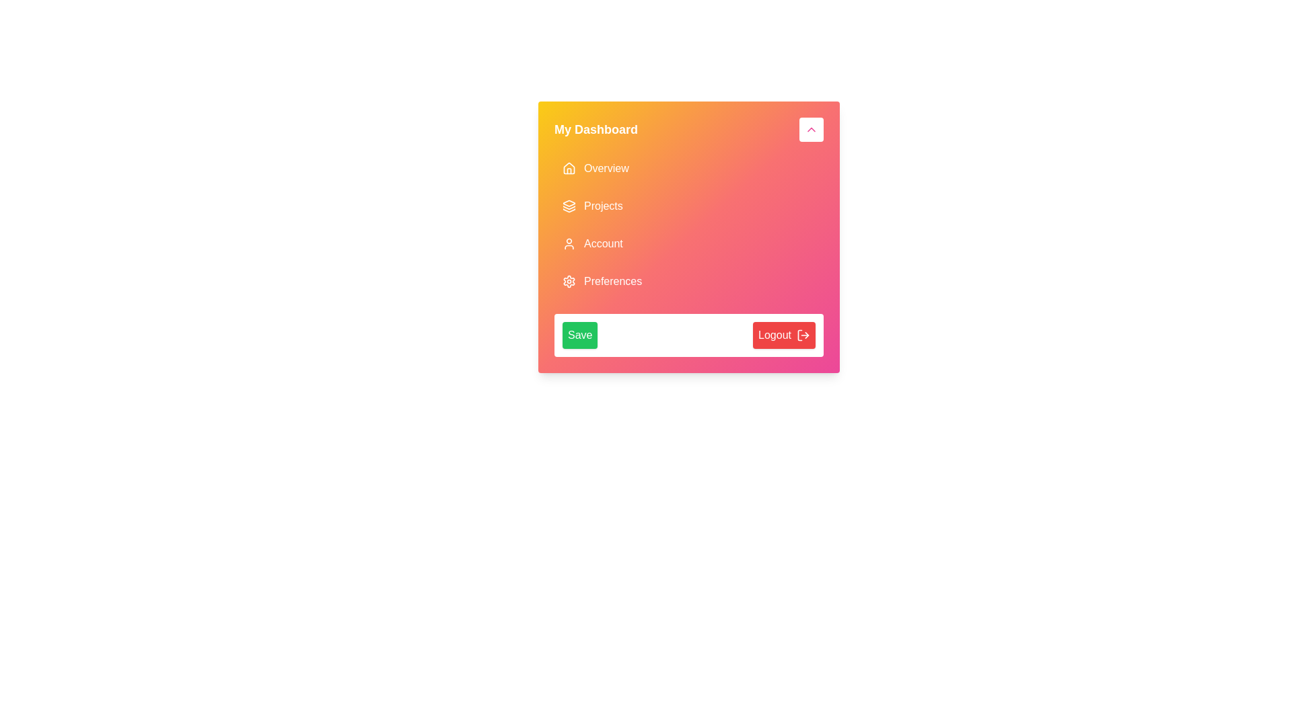 Image resolution: width=1292 pixels, height=726 pixels. Describe the element at coordinates (688, 281) in the screenshot. I see `the 'Preferences' menu item, which is the fourth item in the vertical list of menu items, located between 'Account' and the buttons for 'Save' and 'Logout'` at that location.